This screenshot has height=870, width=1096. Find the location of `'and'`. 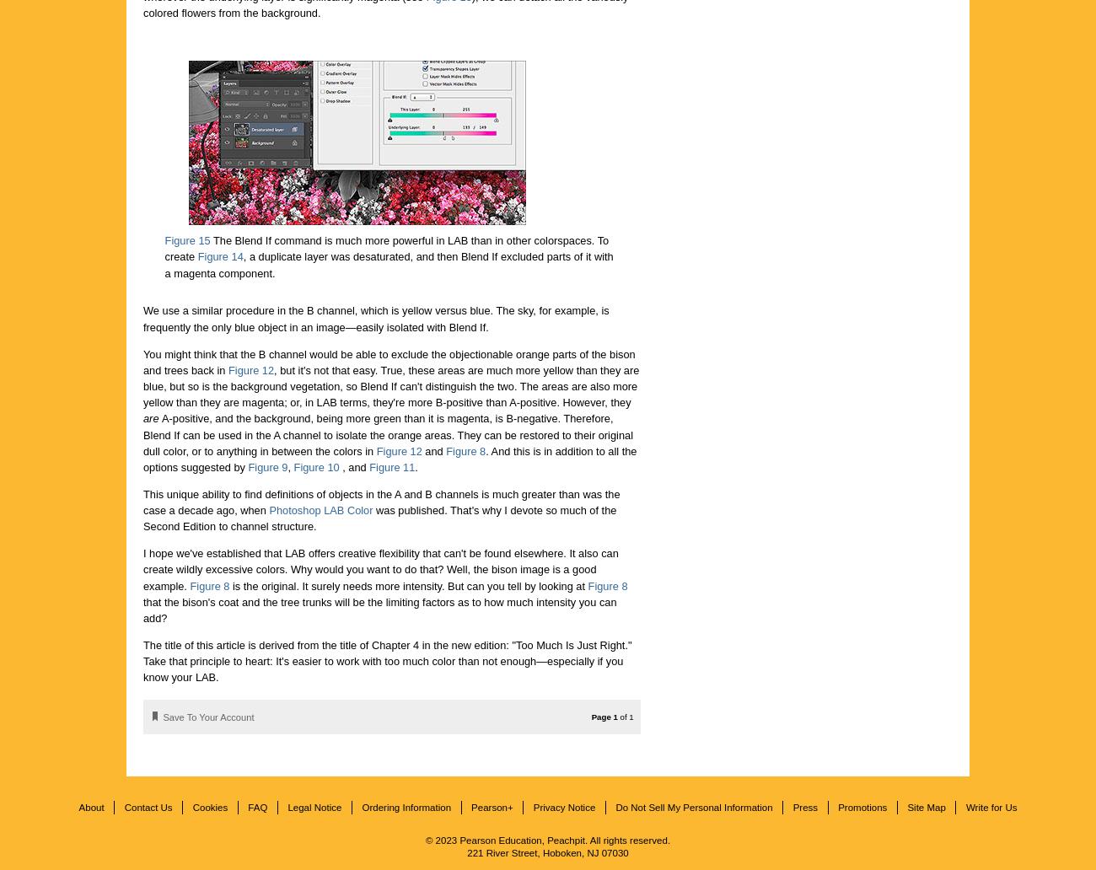

'and' is located at coordinates (421, 450).